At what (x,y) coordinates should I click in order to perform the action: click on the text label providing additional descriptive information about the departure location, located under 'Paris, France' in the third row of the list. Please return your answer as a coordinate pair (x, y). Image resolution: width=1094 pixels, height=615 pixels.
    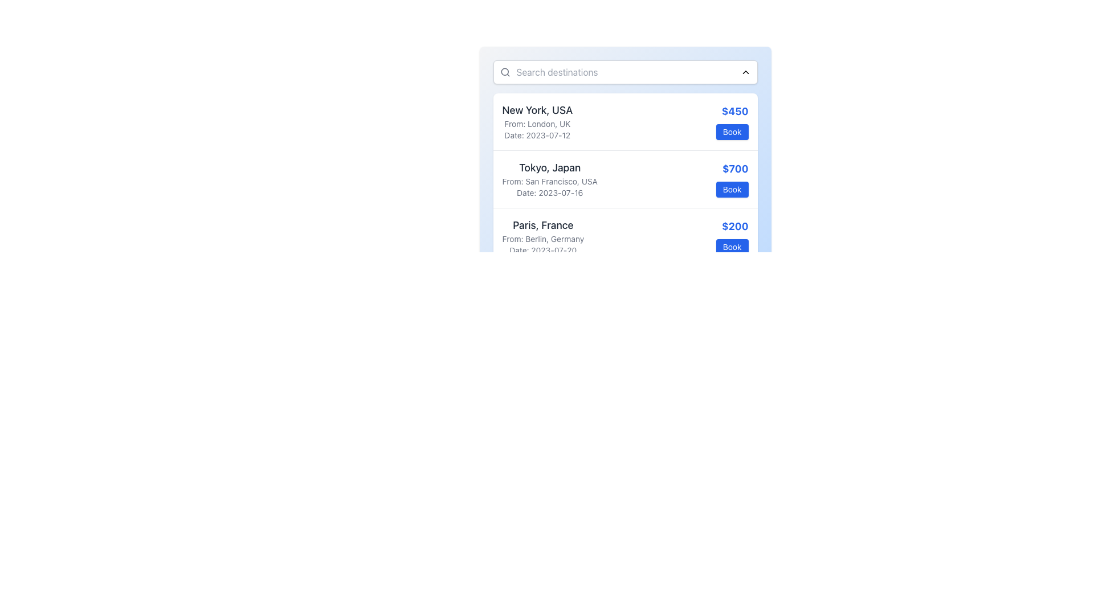
    Looking at the image, I should click on (542, 239).